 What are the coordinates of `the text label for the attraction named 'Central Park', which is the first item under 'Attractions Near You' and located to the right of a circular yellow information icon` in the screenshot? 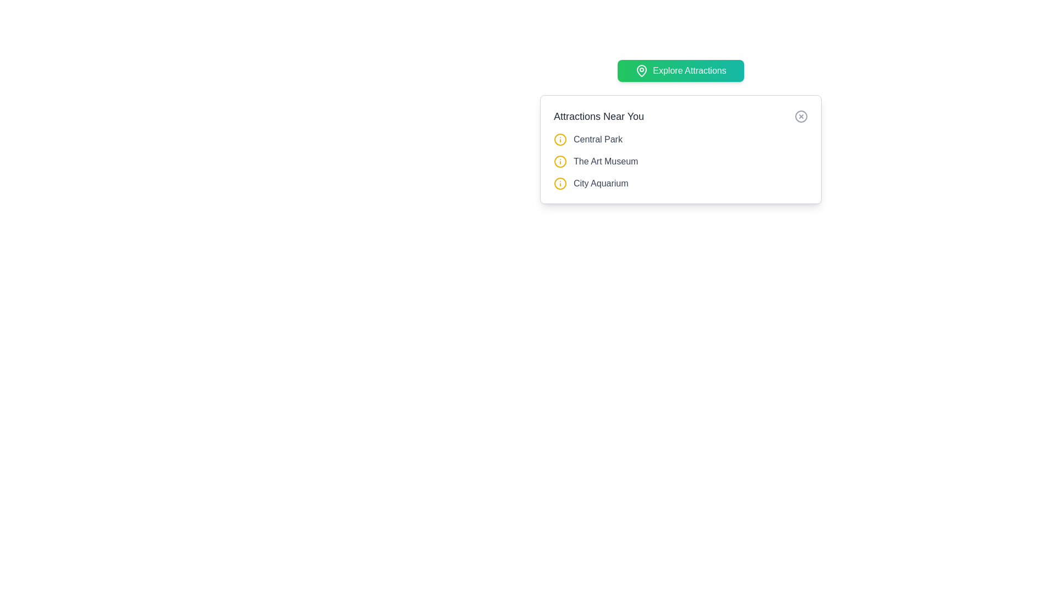 It's located at (597, 139).